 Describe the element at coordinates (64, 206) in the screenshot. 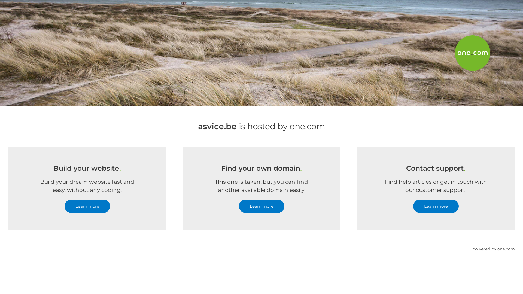

I see `'Learn more'` at that location.